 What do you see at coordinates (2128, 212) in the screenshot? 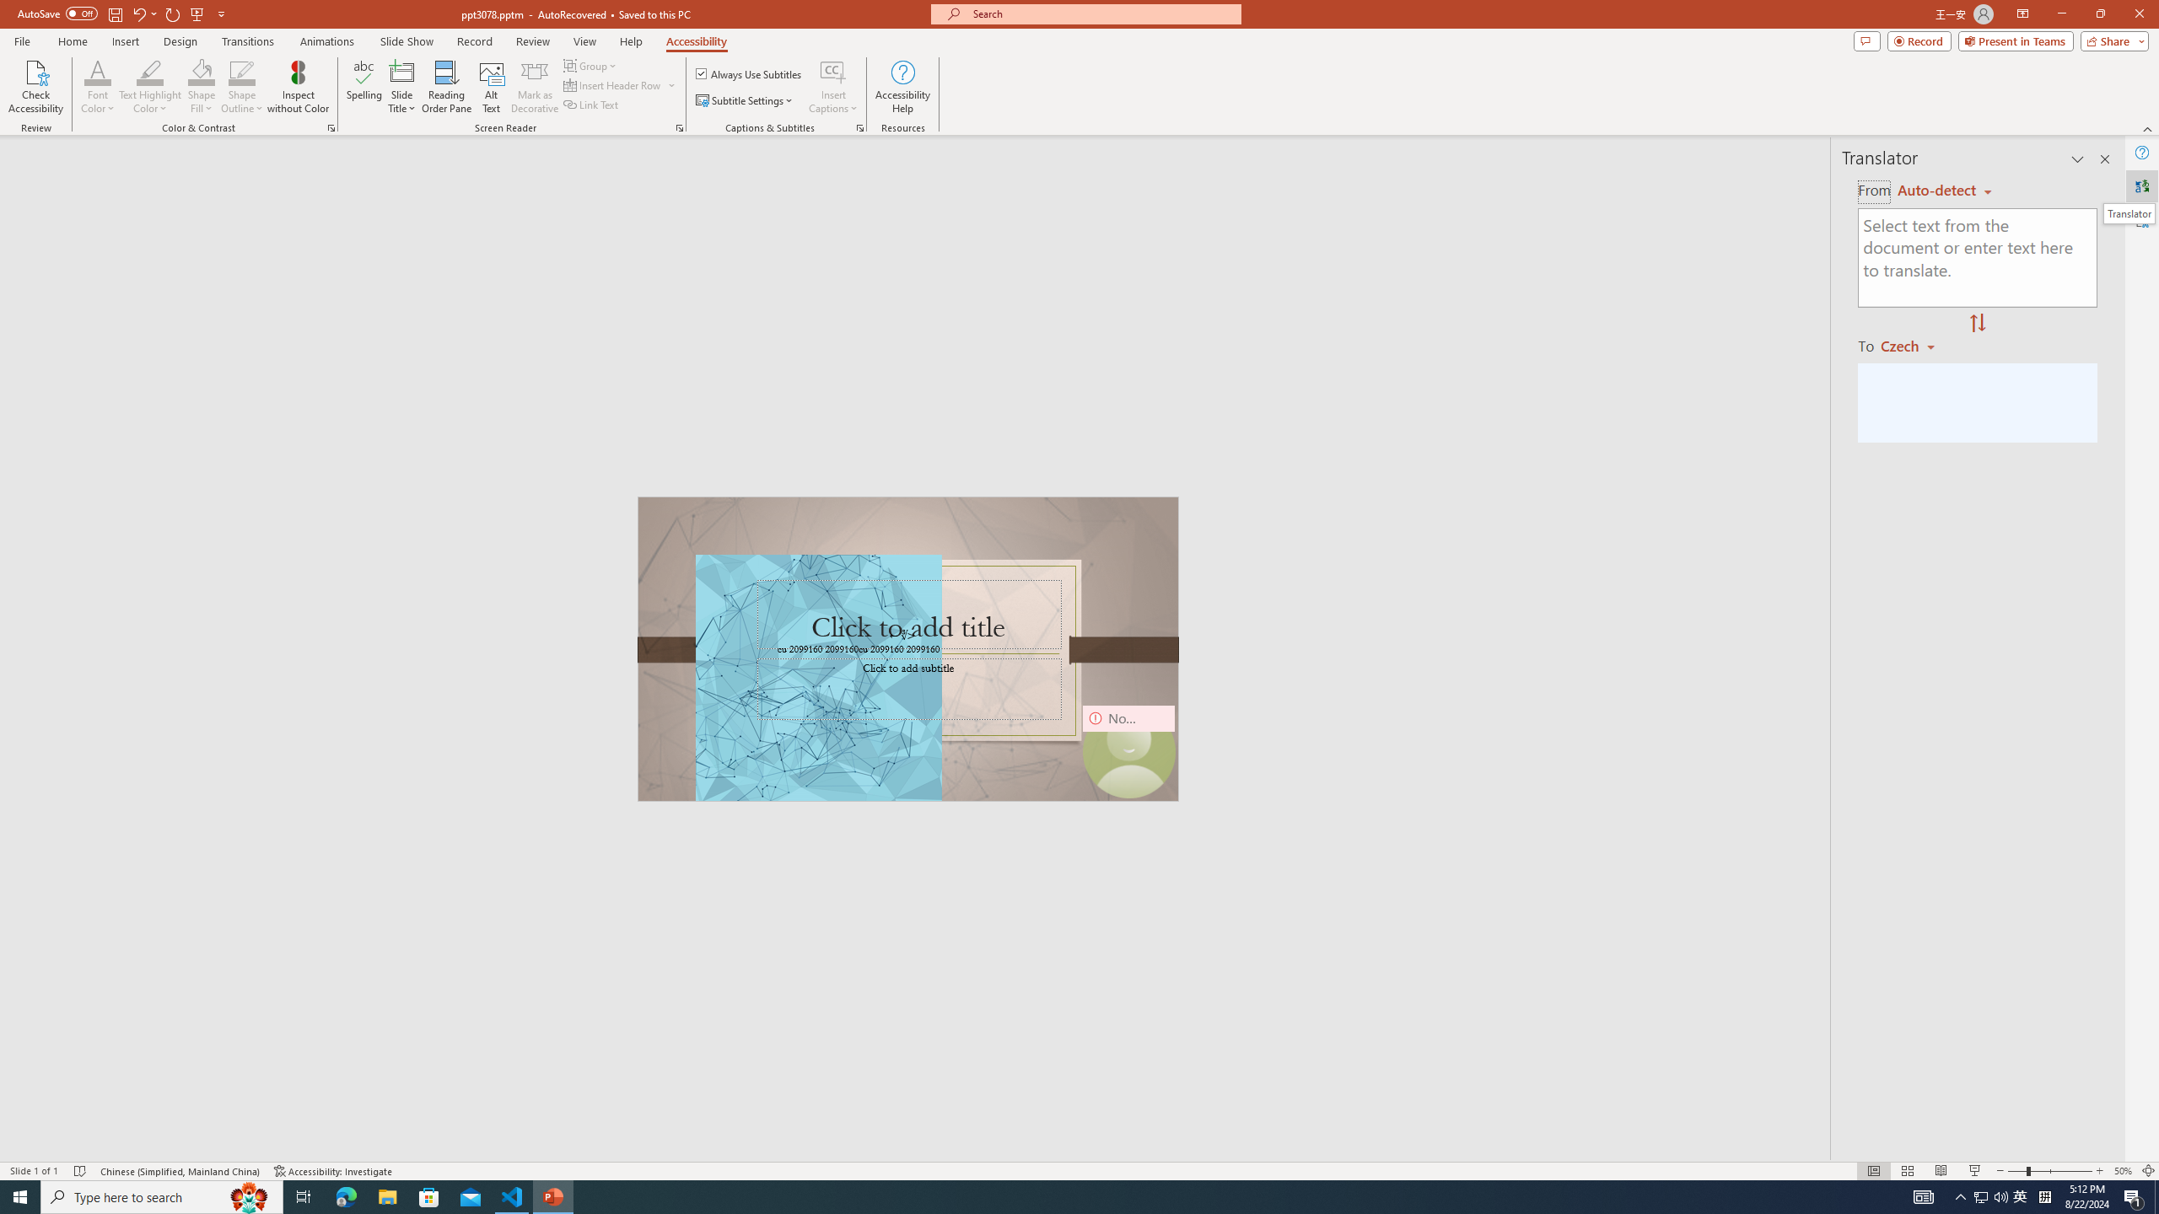
I see `'Translator'` at bounding box center [2128, 212].